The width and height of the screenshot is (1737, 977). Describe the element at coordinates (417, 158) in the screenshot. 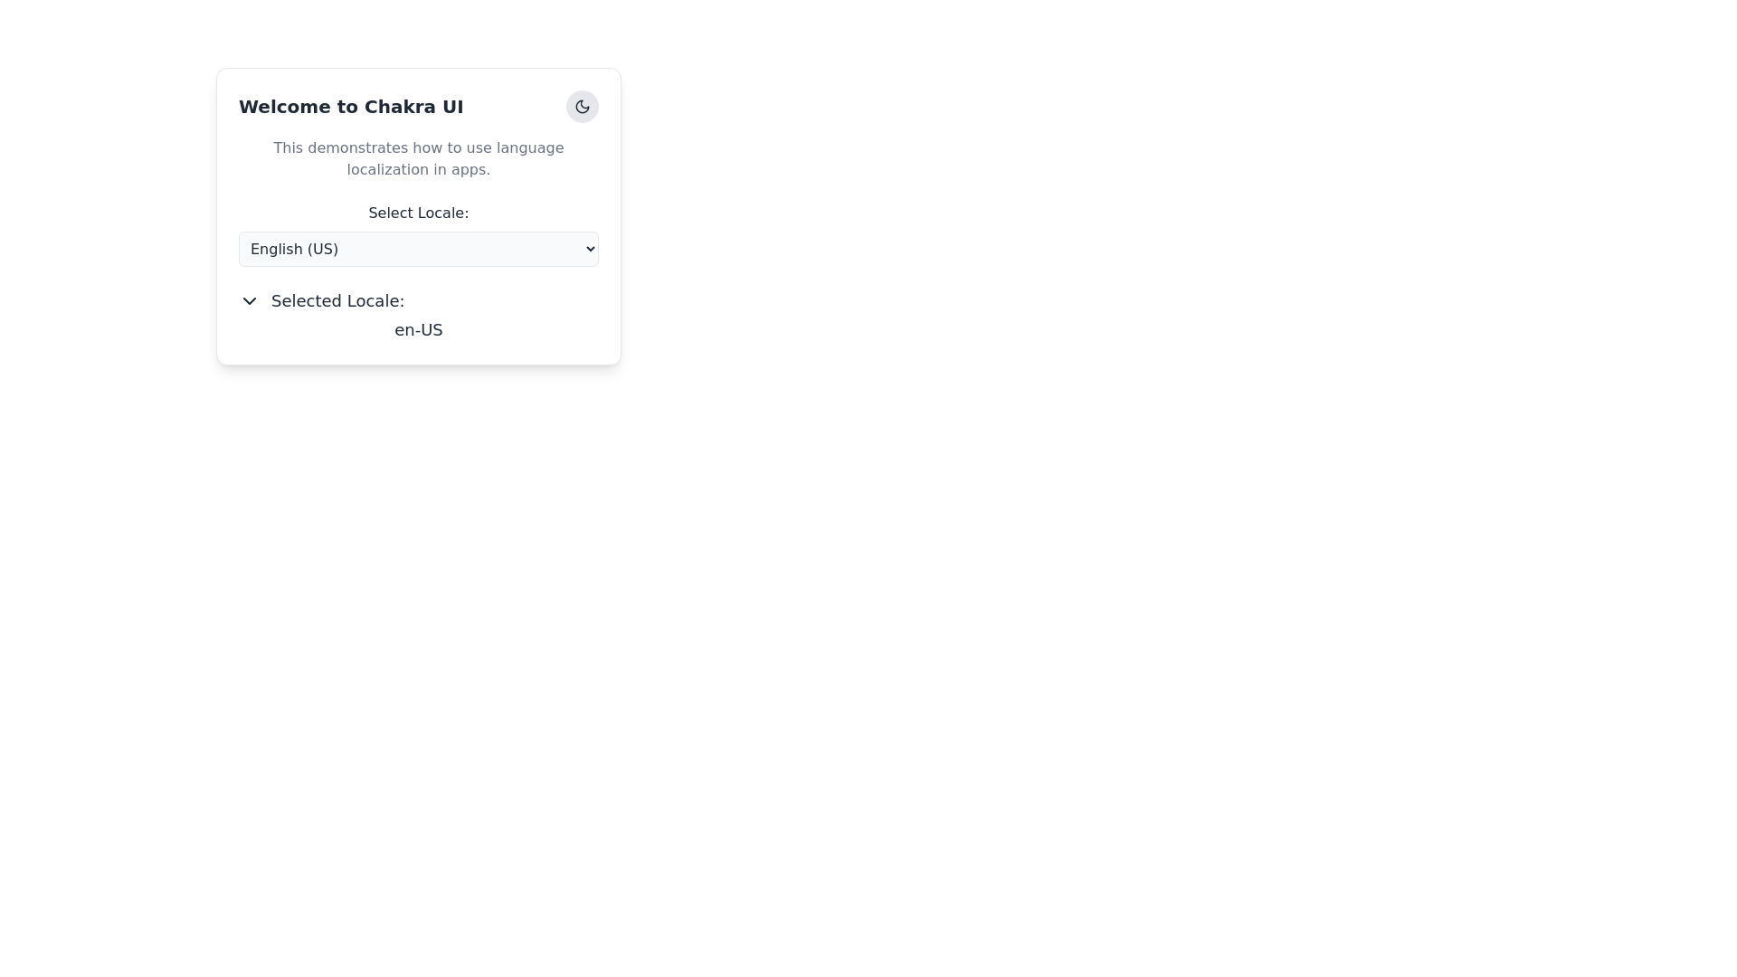

I see `the explanatory text that introduces the concept of language localization, located below the title 'Welcome to Chakra UI' and above 'Select Locale:'` at that location.